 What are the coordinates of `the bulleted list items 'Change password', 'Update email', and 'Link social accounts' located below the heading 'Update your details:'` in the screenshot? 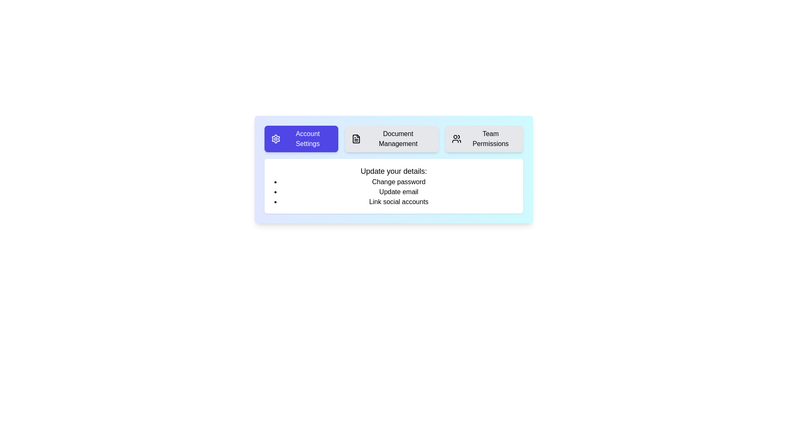 It's located at (393, 192).